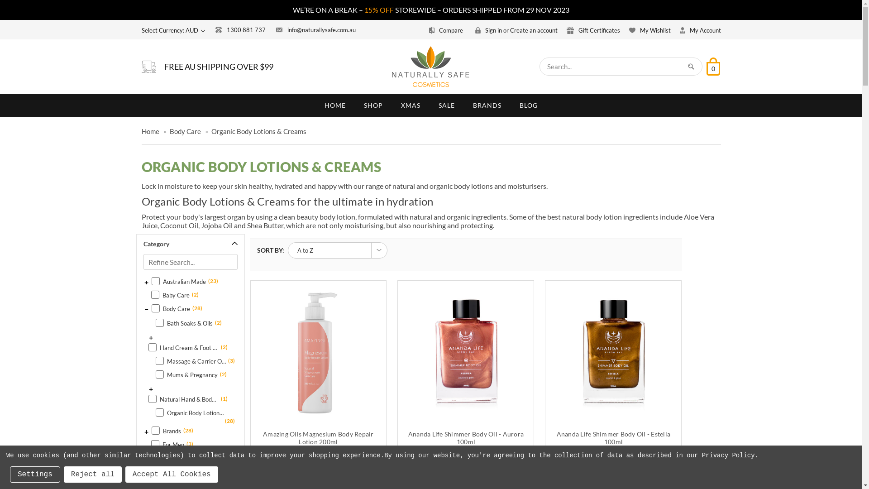 The width and height of the screenshot is (869, 489). What do you see at coordinates (533, 29) in the screenshot?
I see `'Create an account'` at bounding box center [533, 29].